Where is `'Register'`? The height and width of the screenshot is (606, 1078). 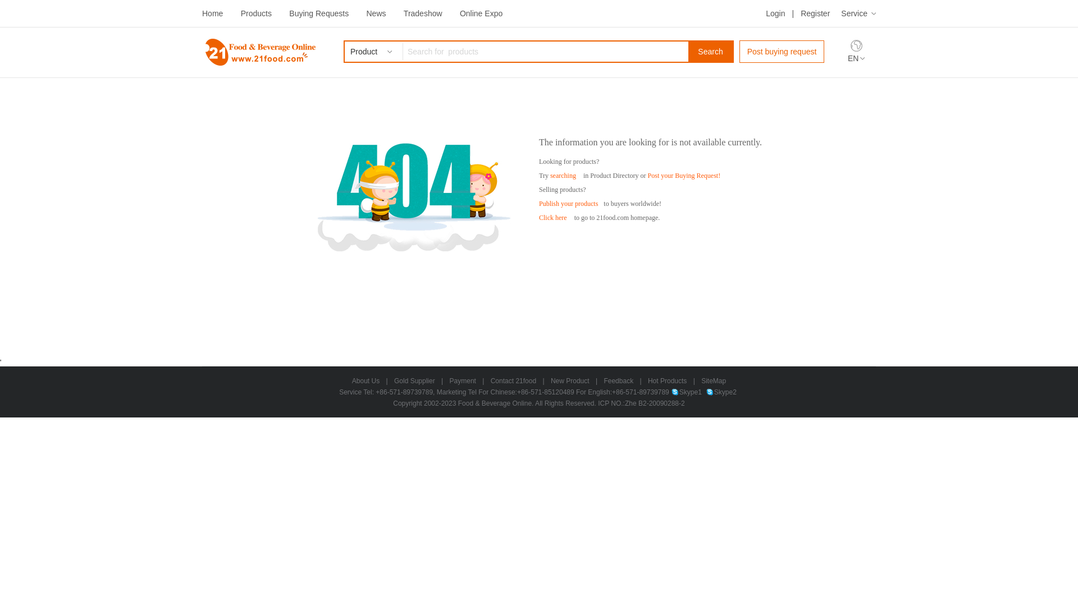
'Register' is located at coordinates (815, 13).